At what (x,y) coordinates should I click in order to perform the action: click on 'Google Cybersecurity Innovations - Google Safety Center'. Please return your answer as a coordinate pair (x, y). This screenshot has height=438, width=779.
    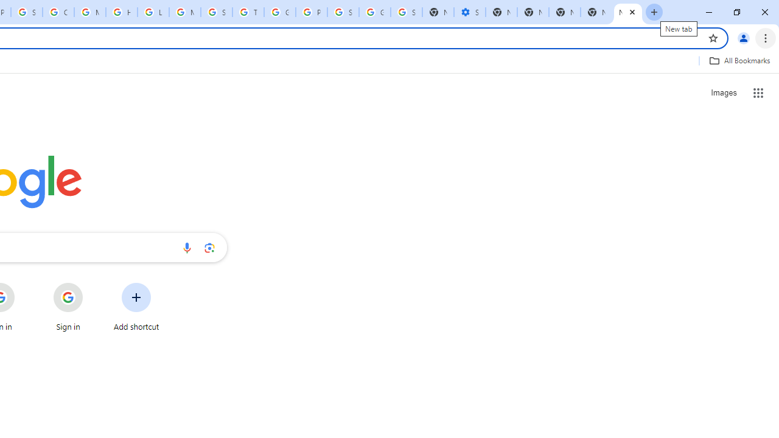
    Looking at the image, I should click on (374, 12).